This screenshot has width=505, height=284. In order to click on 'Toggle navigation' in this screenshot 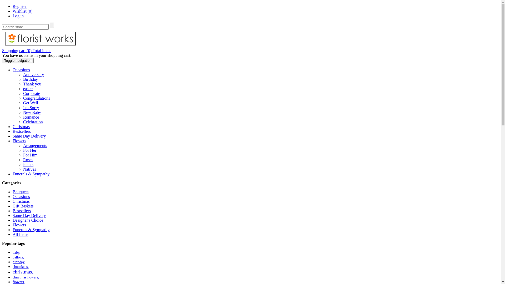, I will do `click(18, 60)`.